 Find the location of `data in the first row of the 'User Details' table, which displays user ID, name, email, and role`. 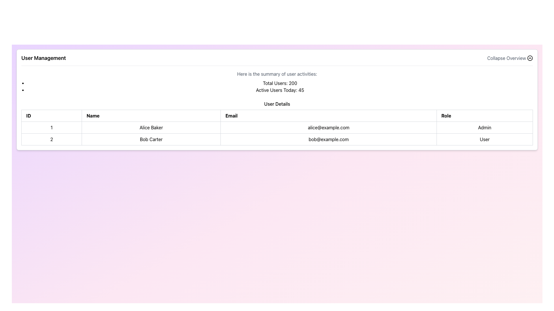

data in the first row of the 'User Details' table, which displays user ID, name, email, and role is located at coordinates (277, 127).